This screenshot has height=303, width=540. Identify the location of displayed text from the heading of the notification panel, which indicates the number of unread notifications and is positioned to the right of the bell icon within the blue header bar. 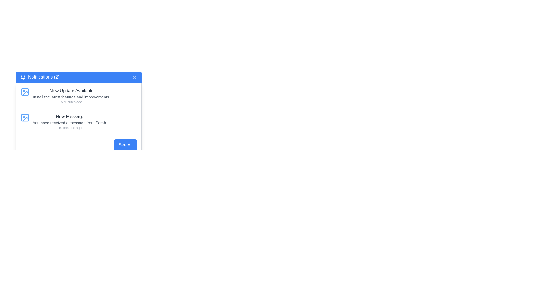
(43, 77).